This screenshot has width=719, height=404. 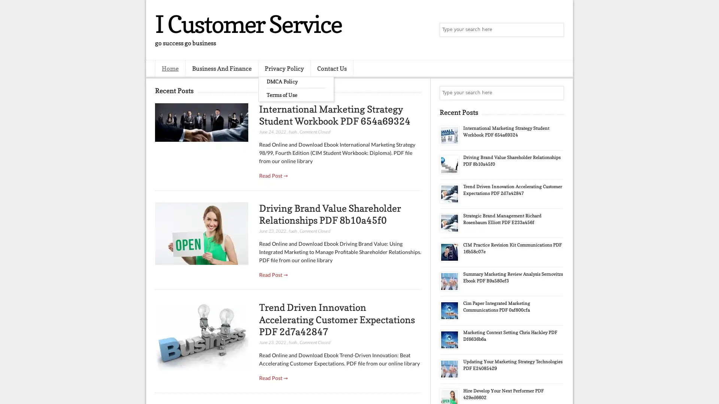 What do you see at coordinates (556, 93) in the screenshot?
I see `Search` at bounding box center [556, 93].